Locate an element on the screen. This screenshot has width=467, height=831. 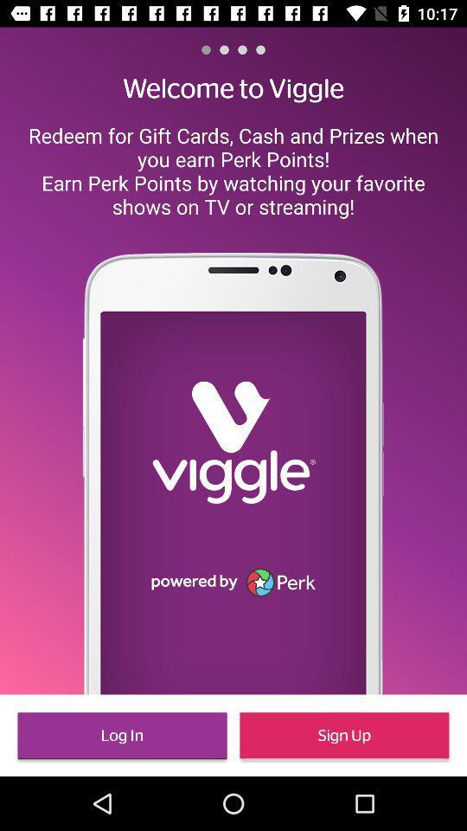
the item at the bottom right corner is located at coordinates (344, 734).